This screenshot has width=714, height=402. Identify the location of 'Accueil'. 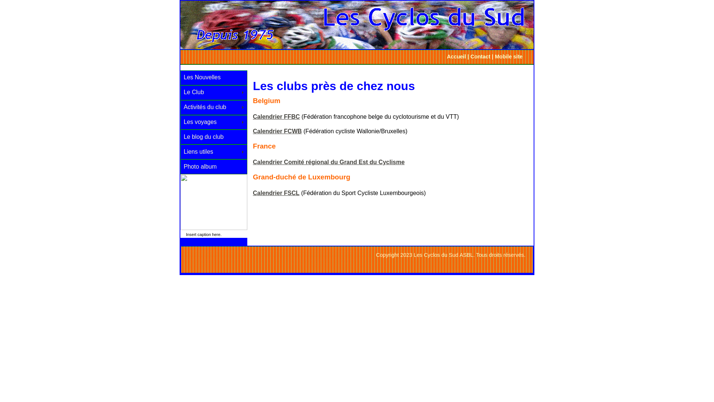
(456, 56).